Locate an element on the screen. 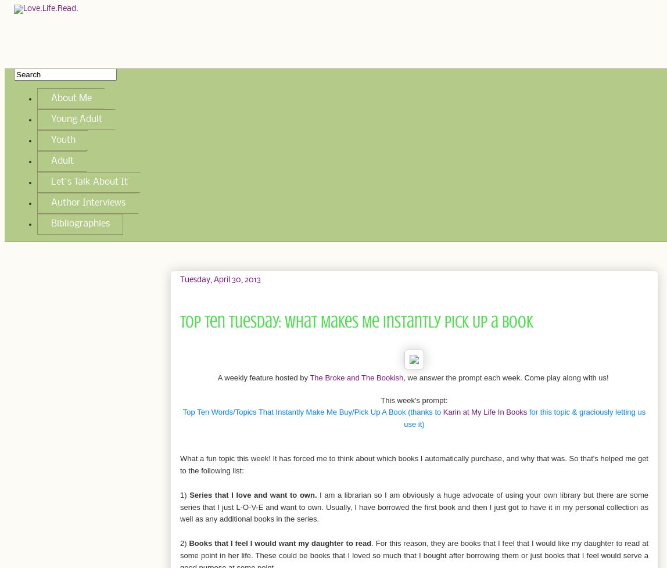  'Author Interviews' is located at coordinates (87, 202).